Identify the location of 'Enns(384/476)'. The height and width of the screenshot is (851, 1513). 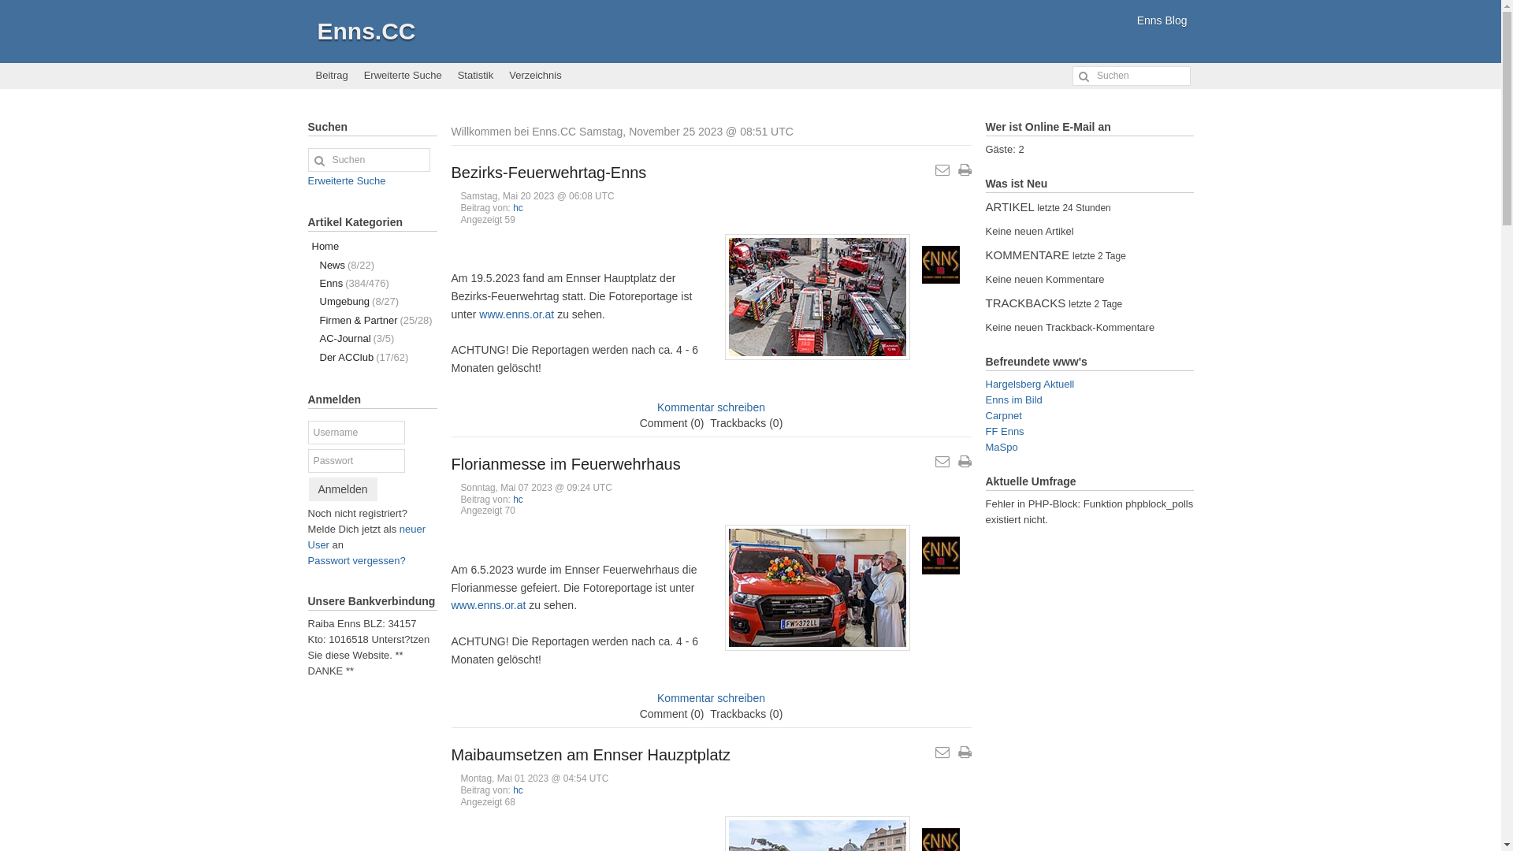
(370, 282).